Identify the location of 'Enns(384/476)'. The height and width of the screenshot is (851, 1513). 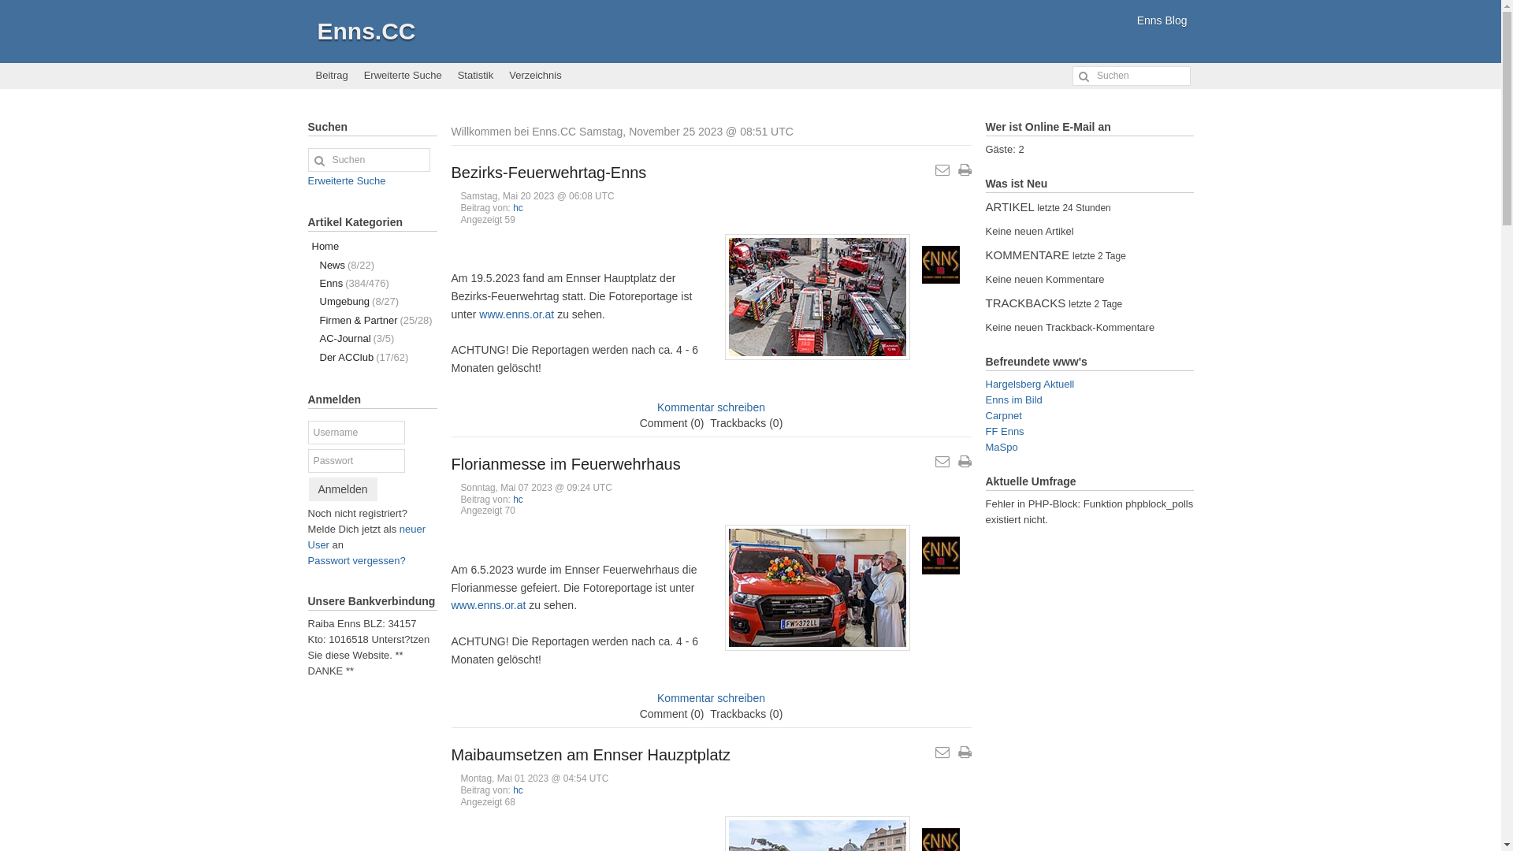
(370, 282).